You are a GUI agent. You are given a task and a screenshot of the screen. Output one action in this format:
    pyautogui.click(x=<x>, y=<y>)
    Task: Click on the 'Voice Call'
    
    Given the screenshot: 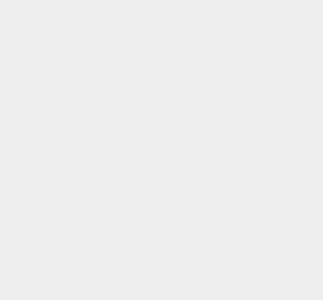 What is the action you would take?
    pyautogui.click(x=236, y=287)
    